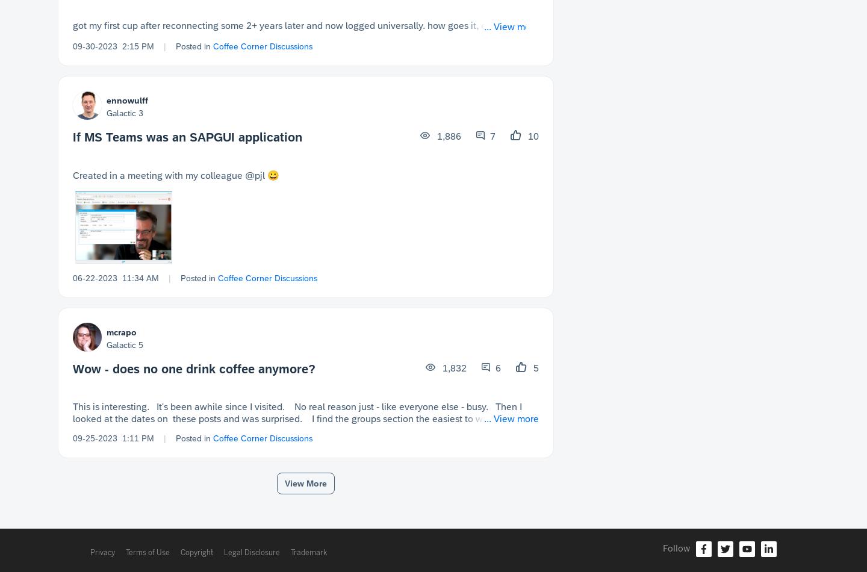  What do you see at coordinates (532, 135) in the screenshot?
I see `'10'` at bounding box center [532, 135].